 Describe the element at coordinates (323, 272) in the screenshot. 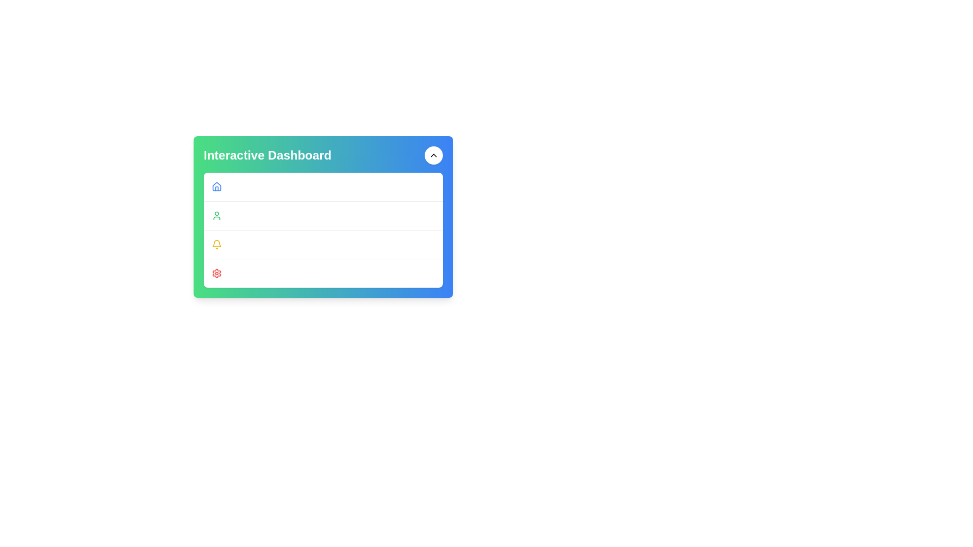

I see `the fourth menu item in the vertical list` at that location.